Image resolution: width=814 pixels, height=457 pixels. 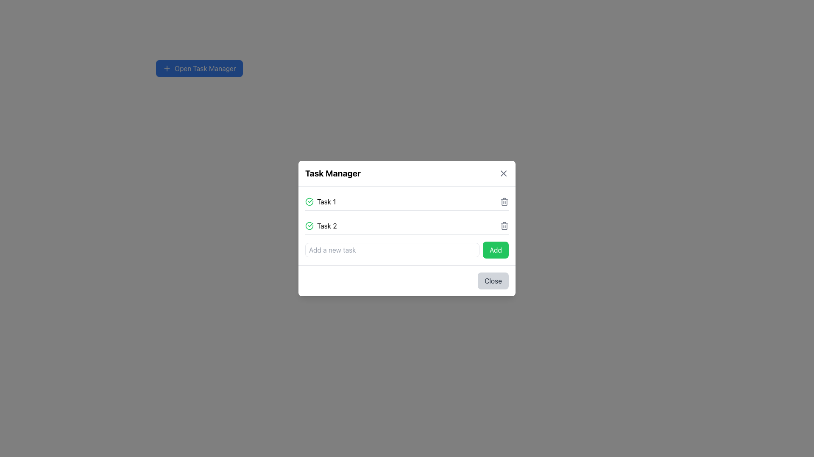 I want to click on the close button located at the upper-right corner of the 'Task Manager' popup for accessibility, so click(x=504, y=173).